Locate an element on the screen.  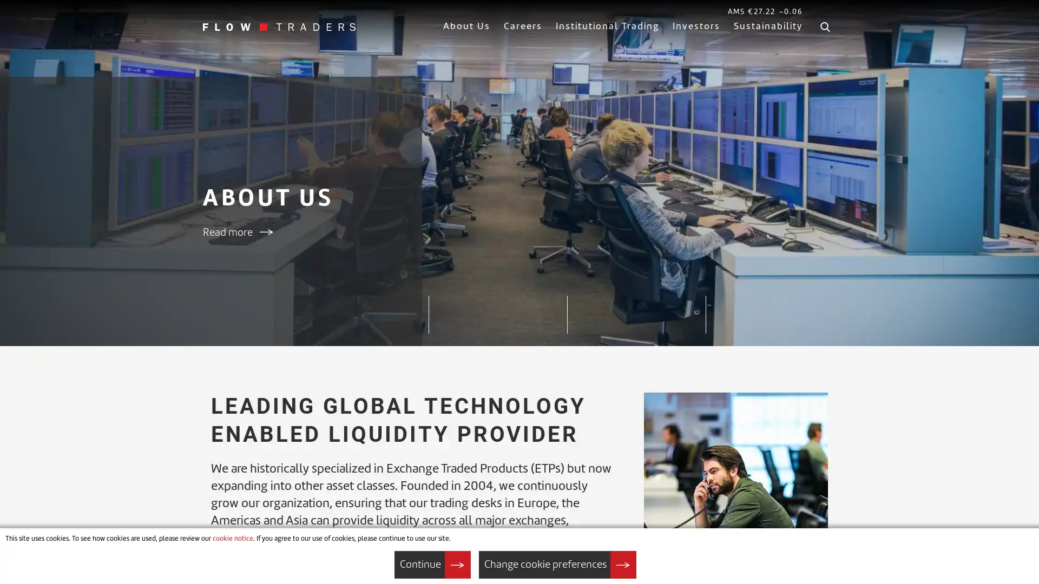
Change cookie preferences is located at coordinates (557, 564).